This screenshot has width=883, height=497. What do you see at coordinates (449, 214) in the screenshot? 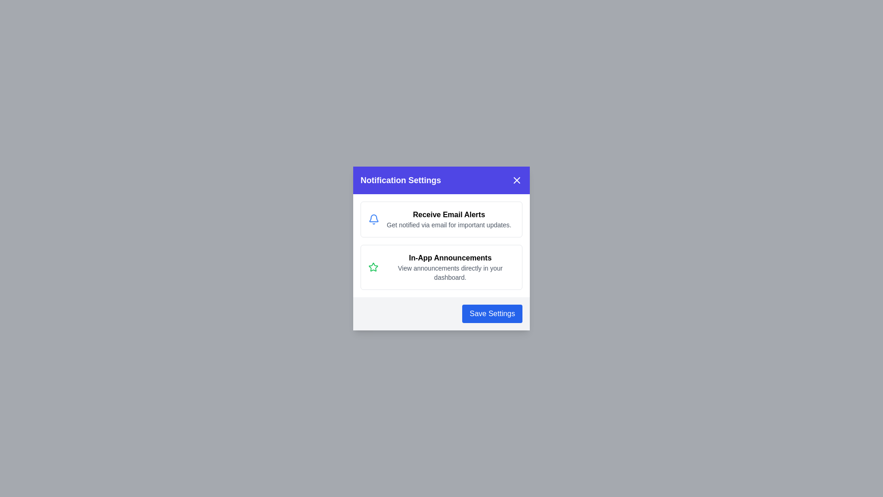
I see `the text element Receive Email Alerts to enable selection or copying` at bounding box center [449, 214].